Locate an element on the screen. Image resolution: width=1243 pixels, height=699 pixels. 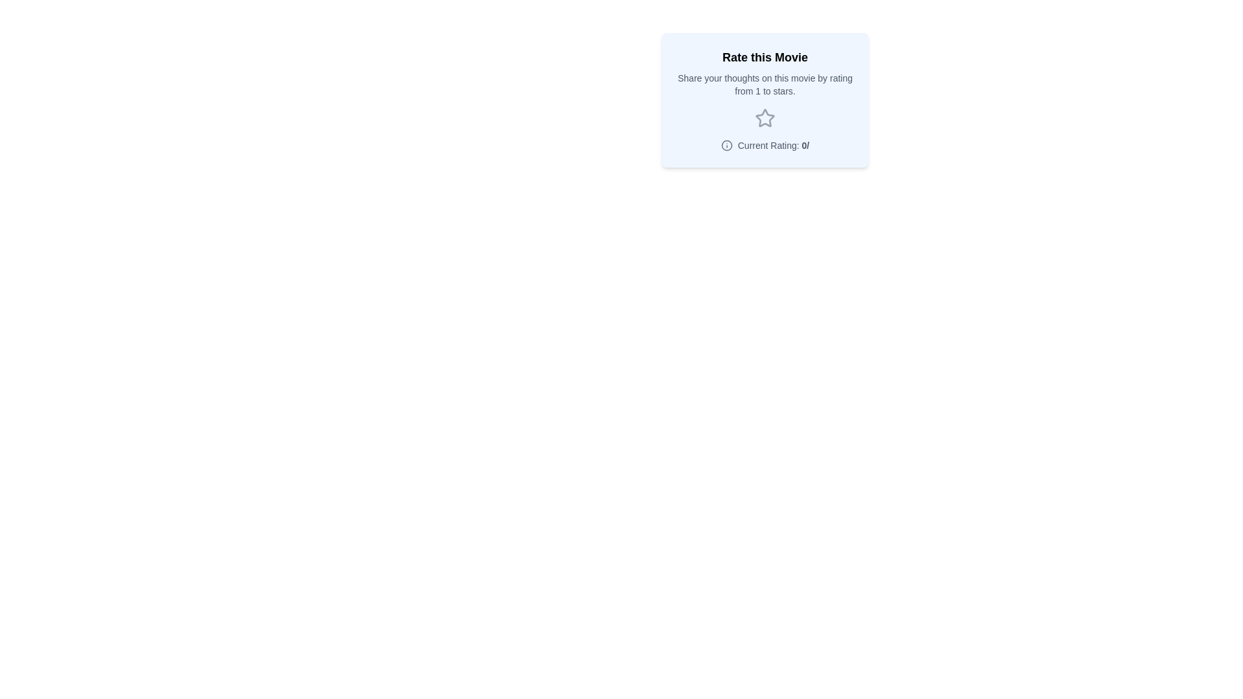
information displayed in the text label showing 'Current Rating: 0/' which is located below the star rating UI component is located at coordinates (774, 145).